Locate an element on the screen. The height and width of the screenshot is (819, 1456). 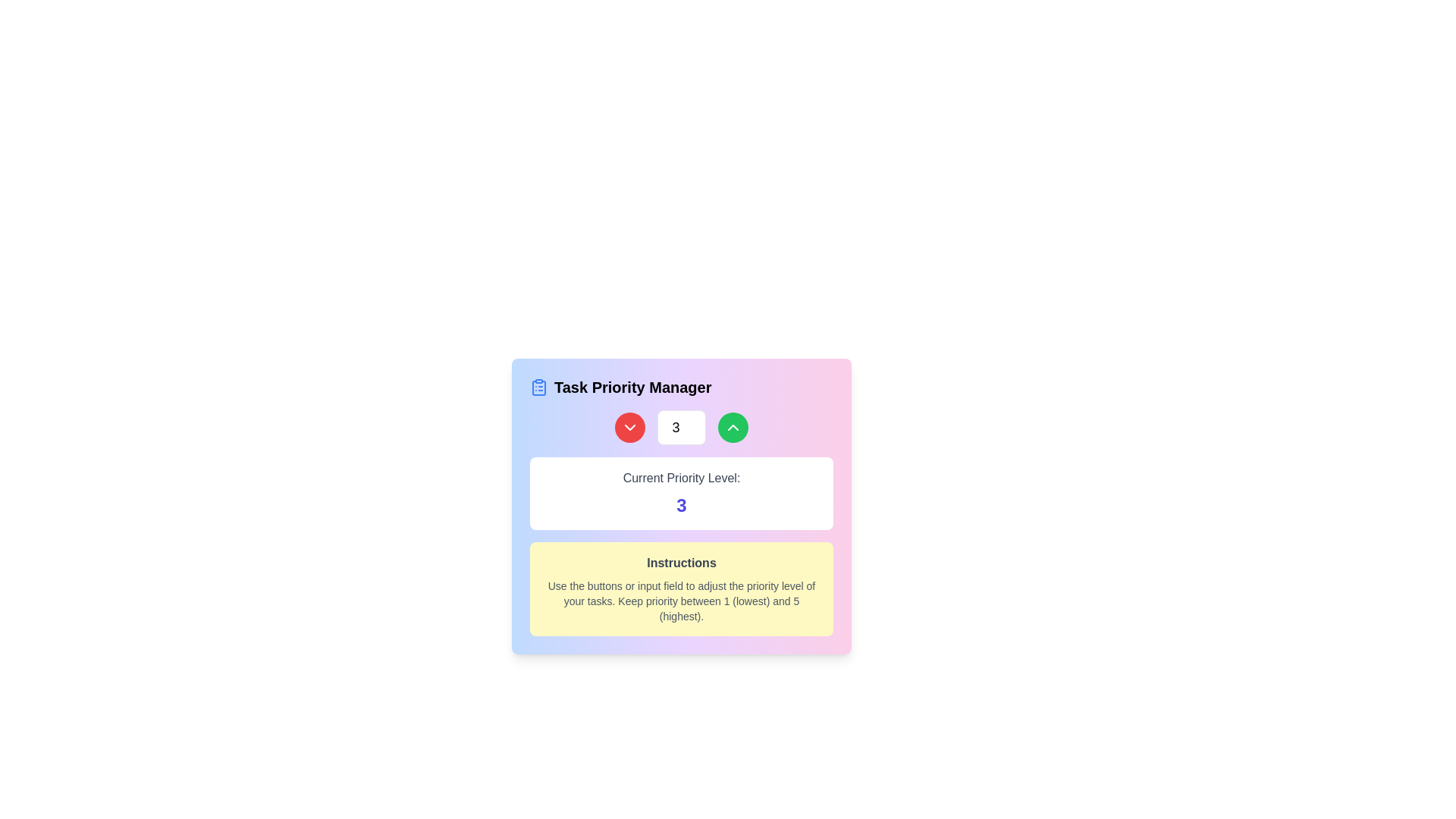
the rectangular icon with rounded corners outlined in blue located in the upper-left corner of the 'Task Priority Manager' header, to the left of the text 'Task Priority Manager' is located at coordinates (538, 388).